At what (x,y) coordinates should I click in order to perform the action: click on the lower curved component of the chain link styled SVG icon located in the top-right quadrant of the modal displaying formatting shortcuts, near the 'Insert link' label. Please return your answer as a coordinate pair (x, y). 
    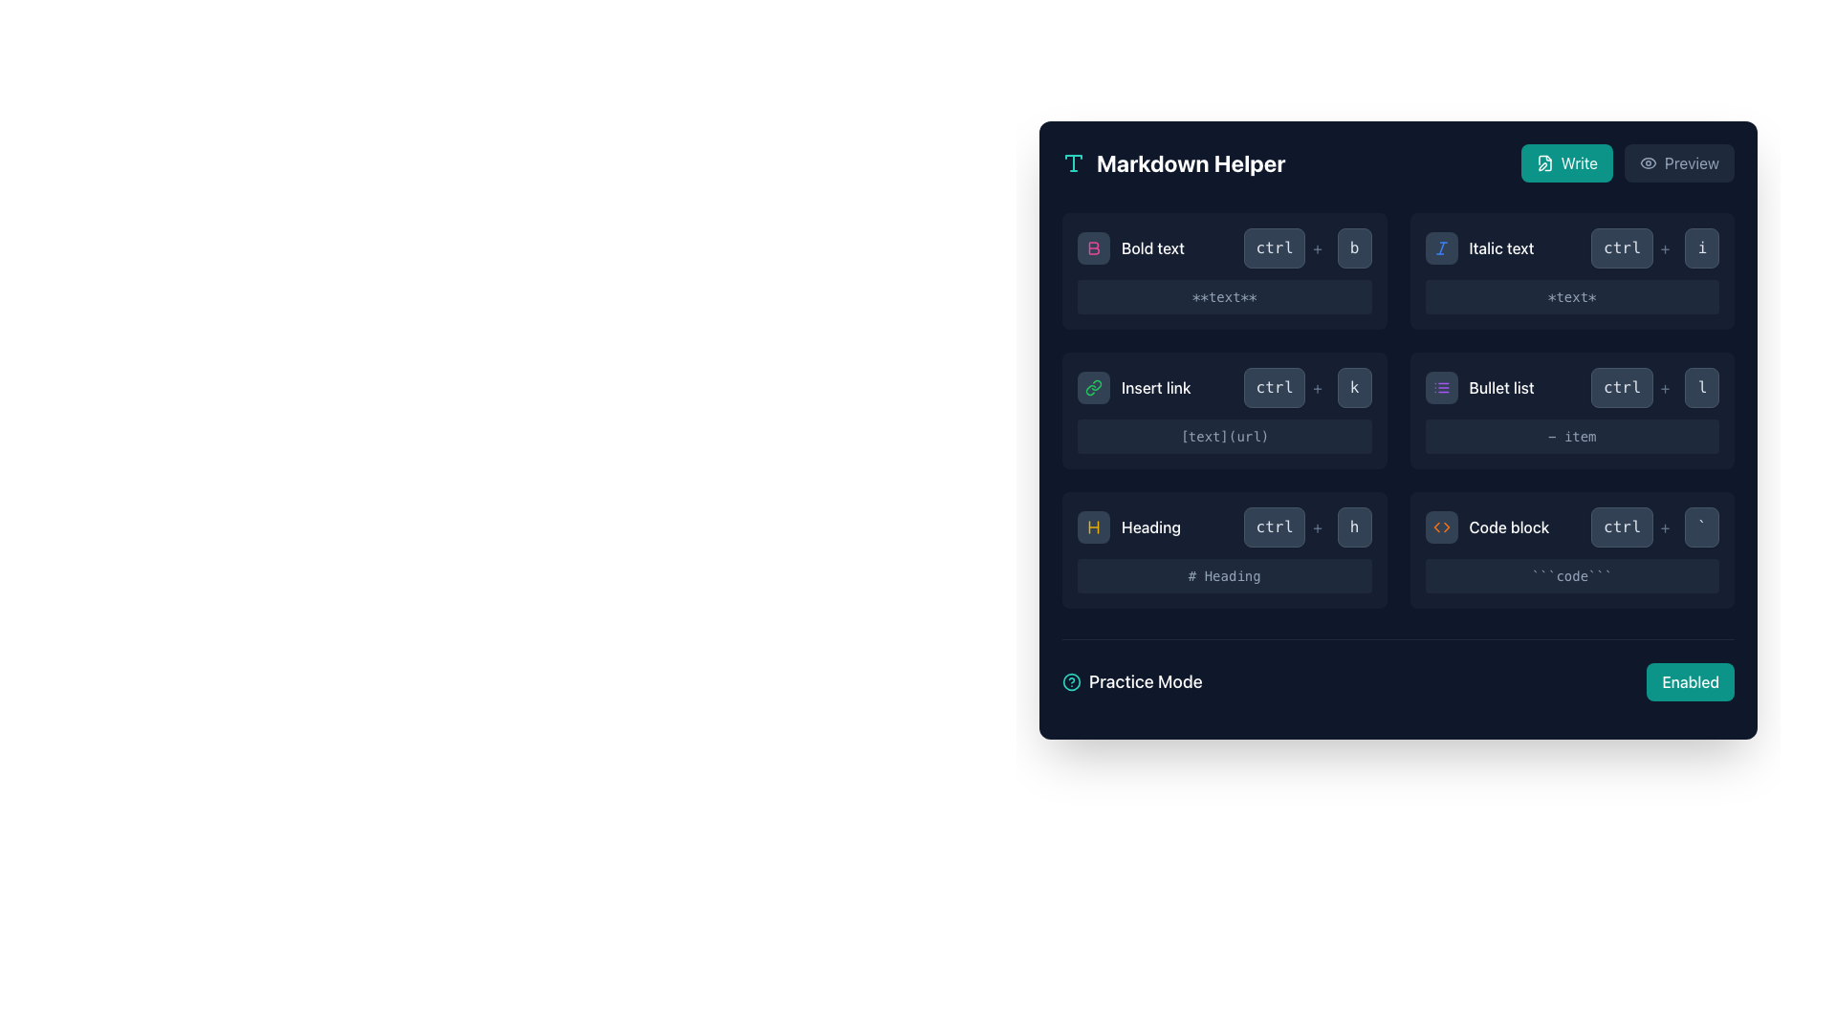
    Looking at the image, I should click on (1091, 389).